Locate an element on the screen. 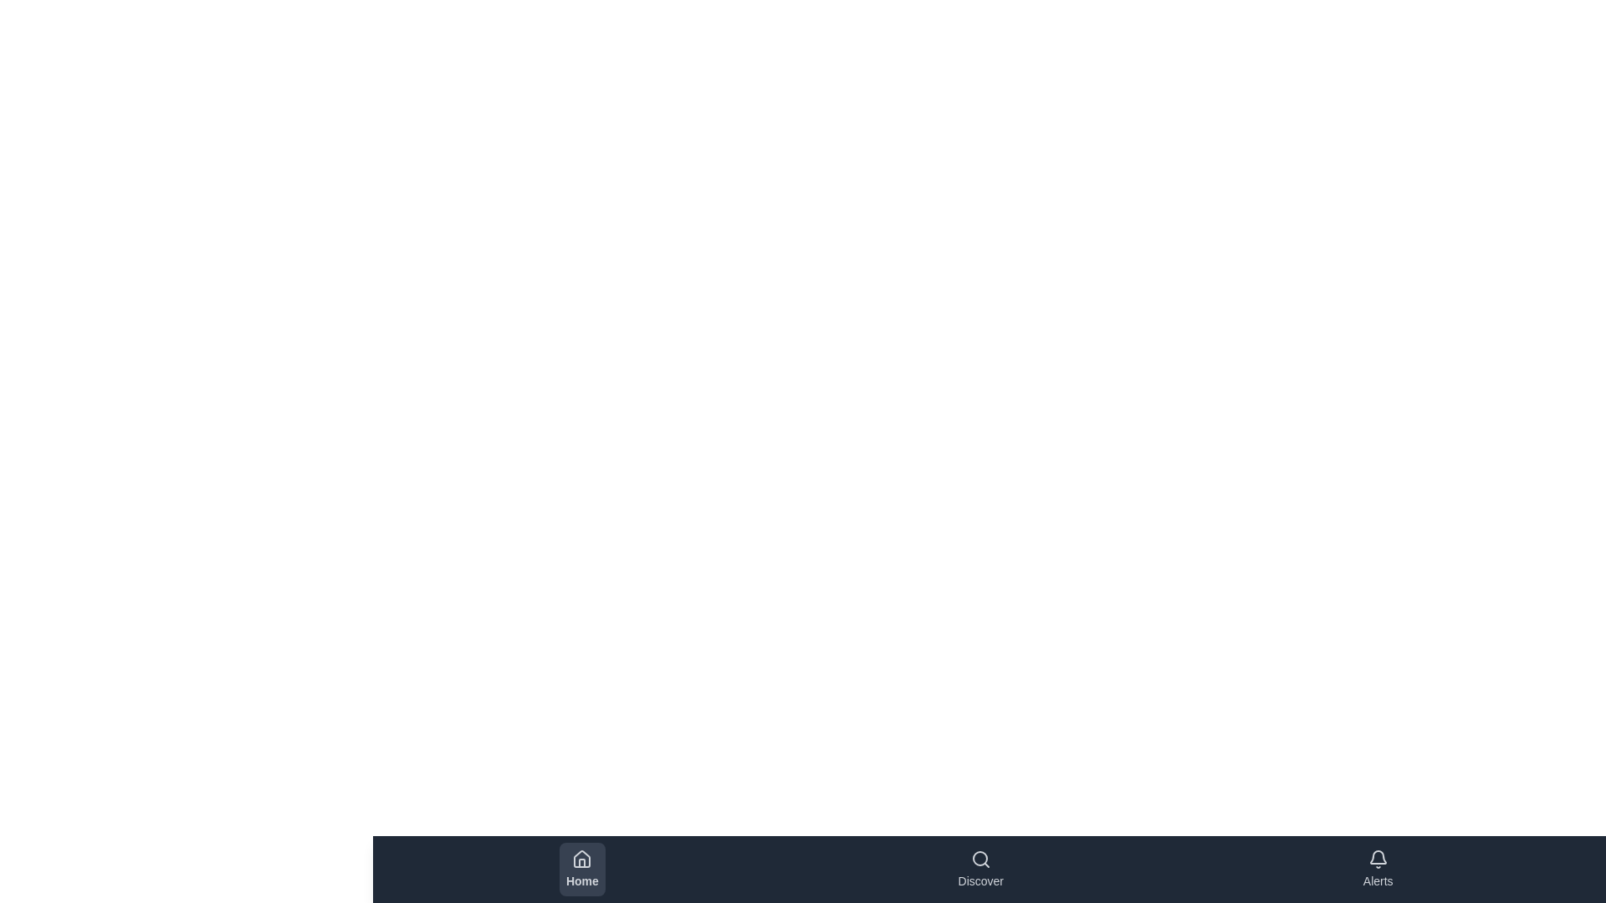  the Home tab to observe its hover effect is located at coordinates (582, 869).